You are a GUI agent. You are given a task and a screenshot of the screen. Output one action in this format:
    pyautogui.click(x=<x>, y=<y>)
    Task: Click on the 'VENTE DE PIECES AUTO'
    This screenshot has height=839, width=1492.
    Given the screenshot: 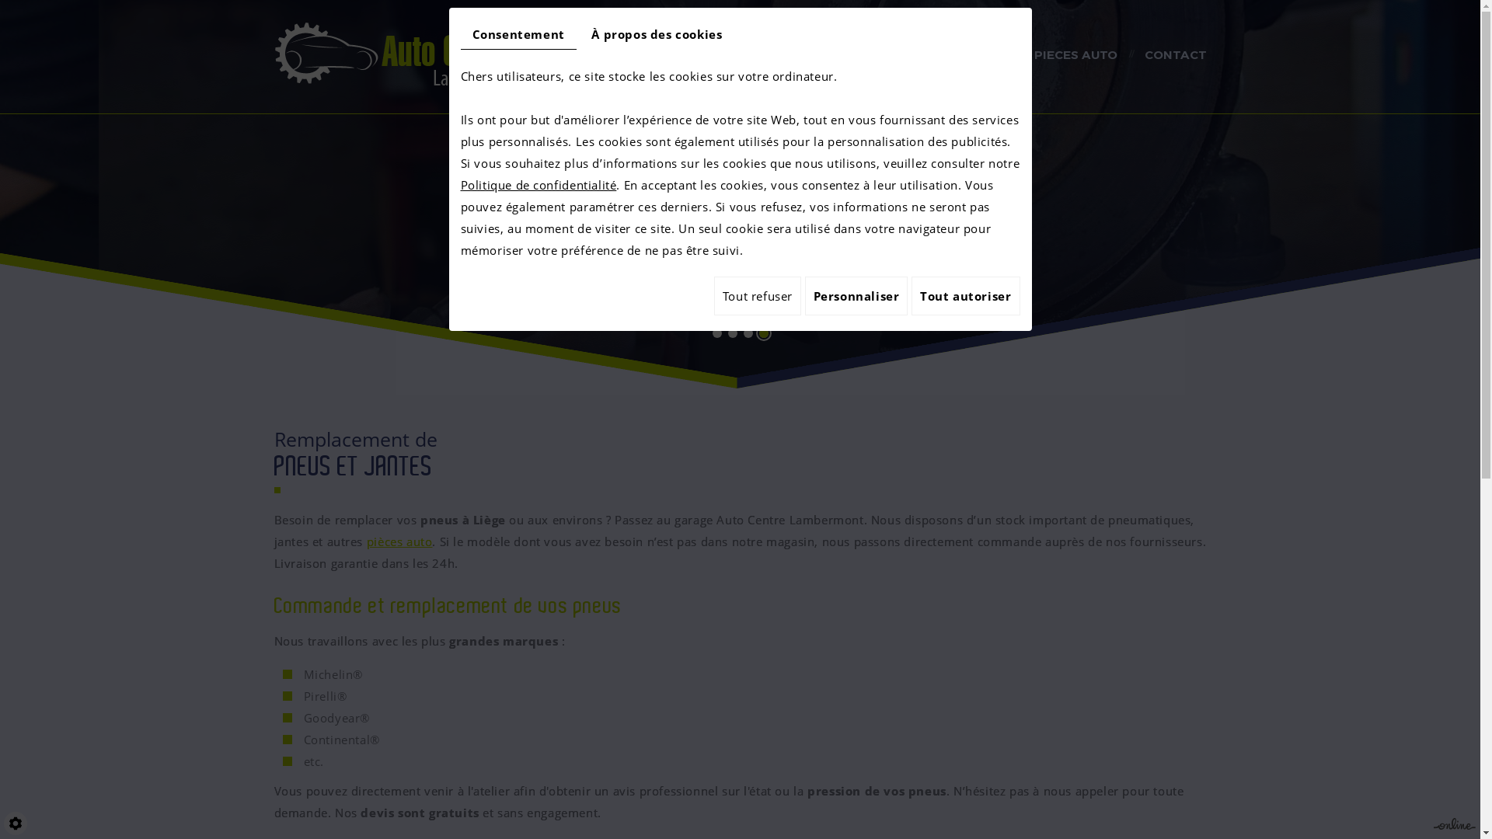 What is the action you would take?
    pyautogui.click(x=1042, y=56)
    